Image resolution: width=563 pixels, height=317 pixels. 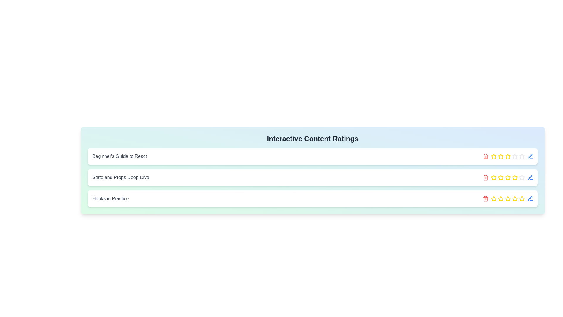 What do you see at coordinates (508, 156) in the screenshot?
I see `the third gold-filled star in the five-star rating component located under 'Beginner's Guide to React'` at bounding box center [508, 156].